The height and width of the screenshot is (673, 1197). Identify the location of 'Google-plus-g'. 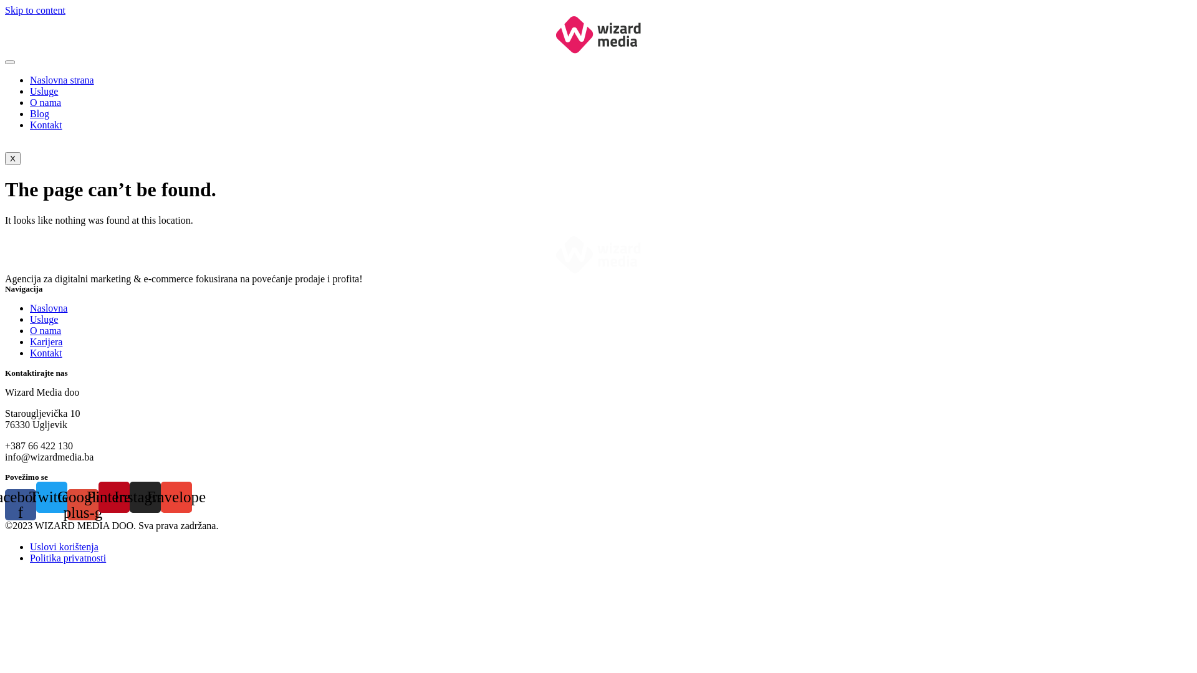
(82, 505).